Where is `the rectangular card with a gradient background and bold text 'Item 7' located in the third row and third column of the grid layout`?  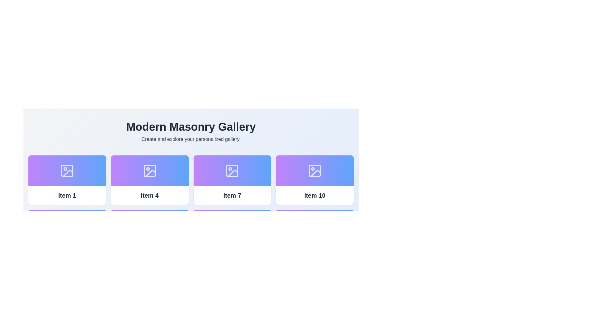
the rectangular card with a gradient background and bold text 'Item 7' located in the third row and third column of the grid layout is located at coordinates (232, 180).